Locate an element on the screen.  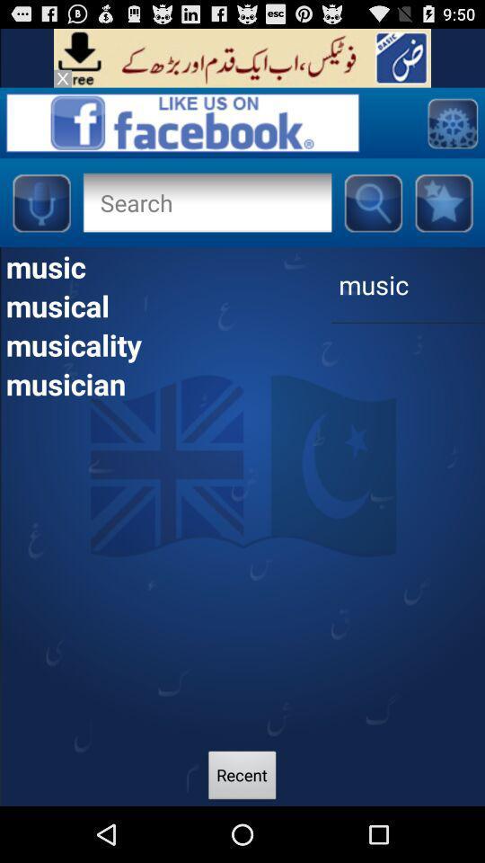
facebook is located at coordinates (443, 202).